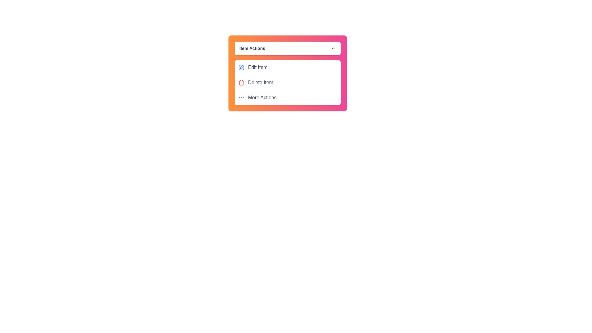 The image size is (592, 333). What do you see at coordinates (287, 68) in the screenshot?
I see `the 'Edit Item' option in the menu` at bounding box center [287, 68].